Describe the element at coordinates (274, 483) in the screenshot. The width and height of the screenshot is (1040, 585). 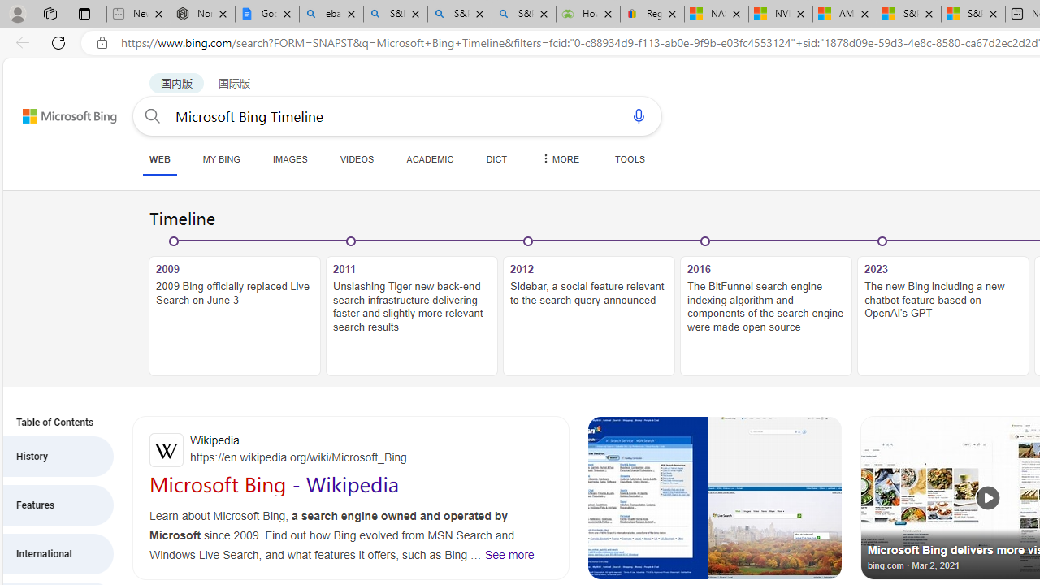
I see `'Microsoft Bing - Wikipedia'` at that location.